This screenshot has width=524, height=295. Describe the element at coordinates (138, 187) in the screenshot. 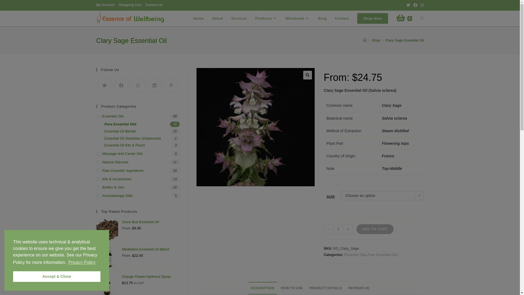

I see `'Bottles & Jars'` at that location.